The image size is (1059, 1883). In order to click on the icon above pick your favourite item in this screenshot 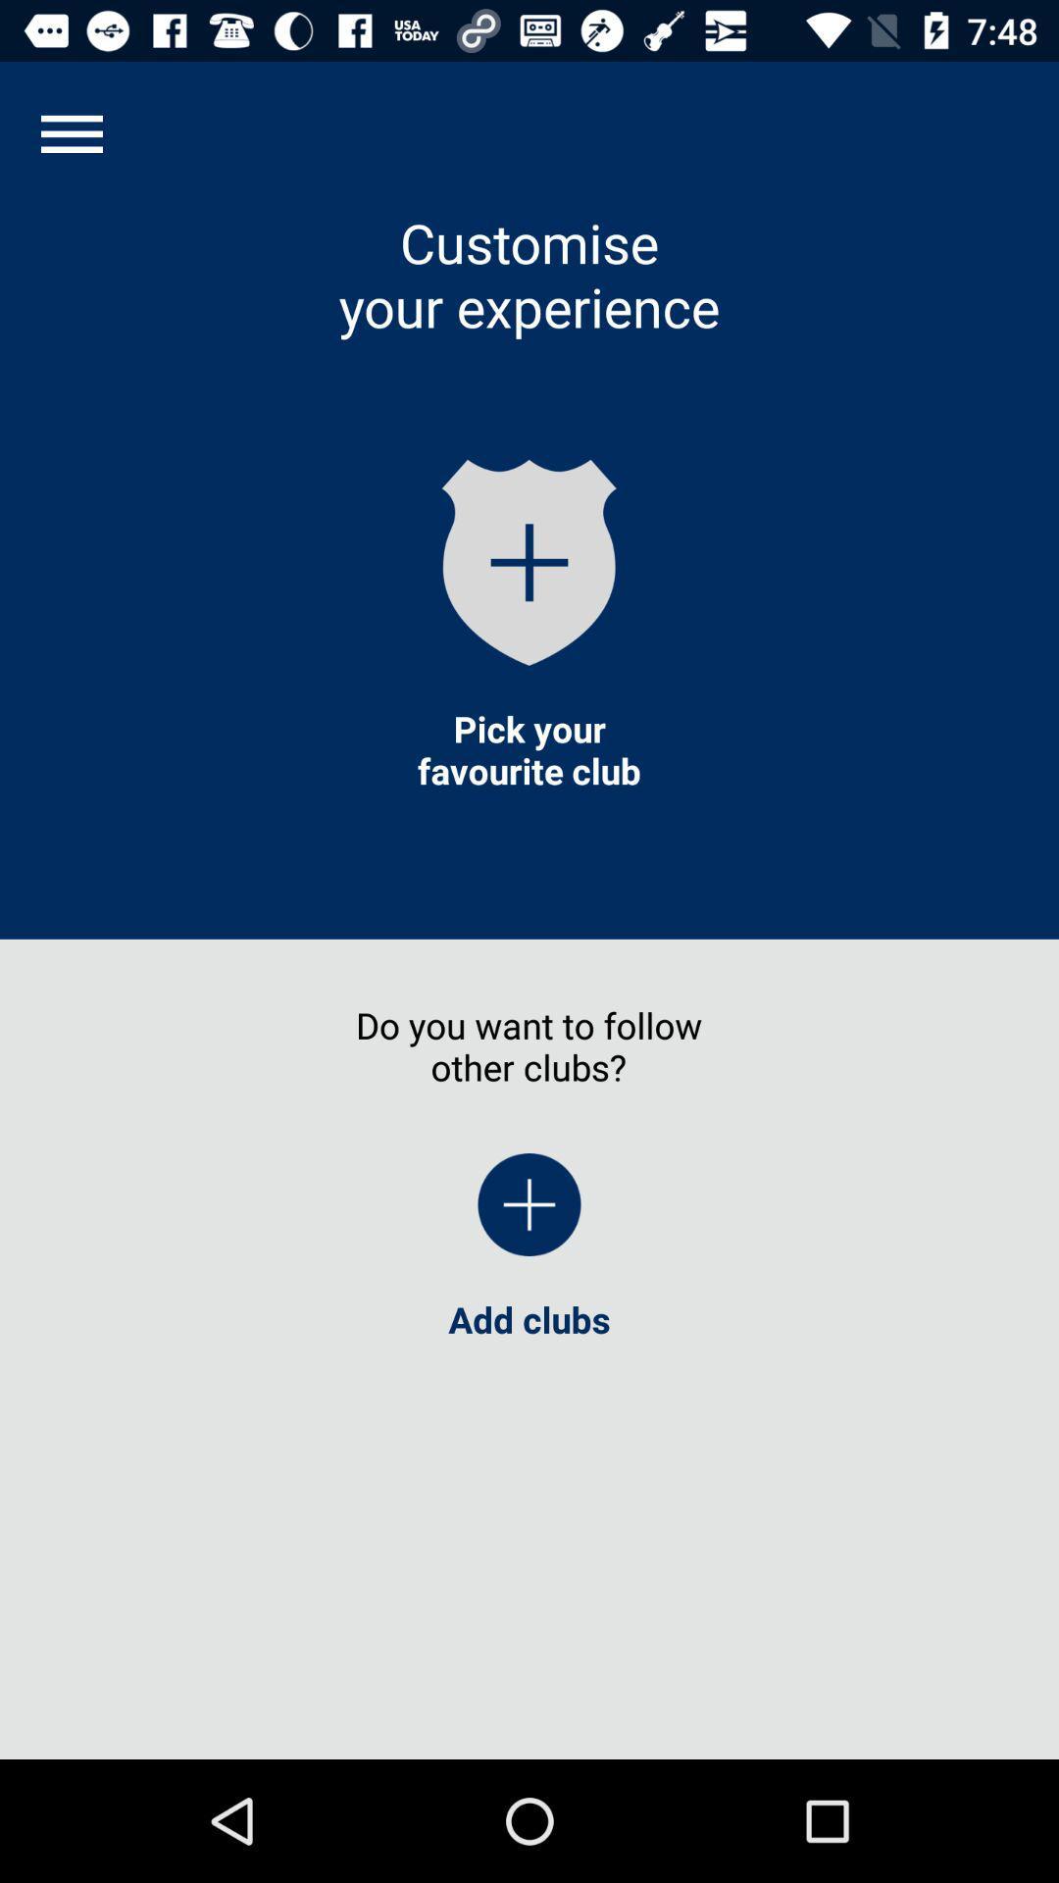, I will do `click(529, 561)`.